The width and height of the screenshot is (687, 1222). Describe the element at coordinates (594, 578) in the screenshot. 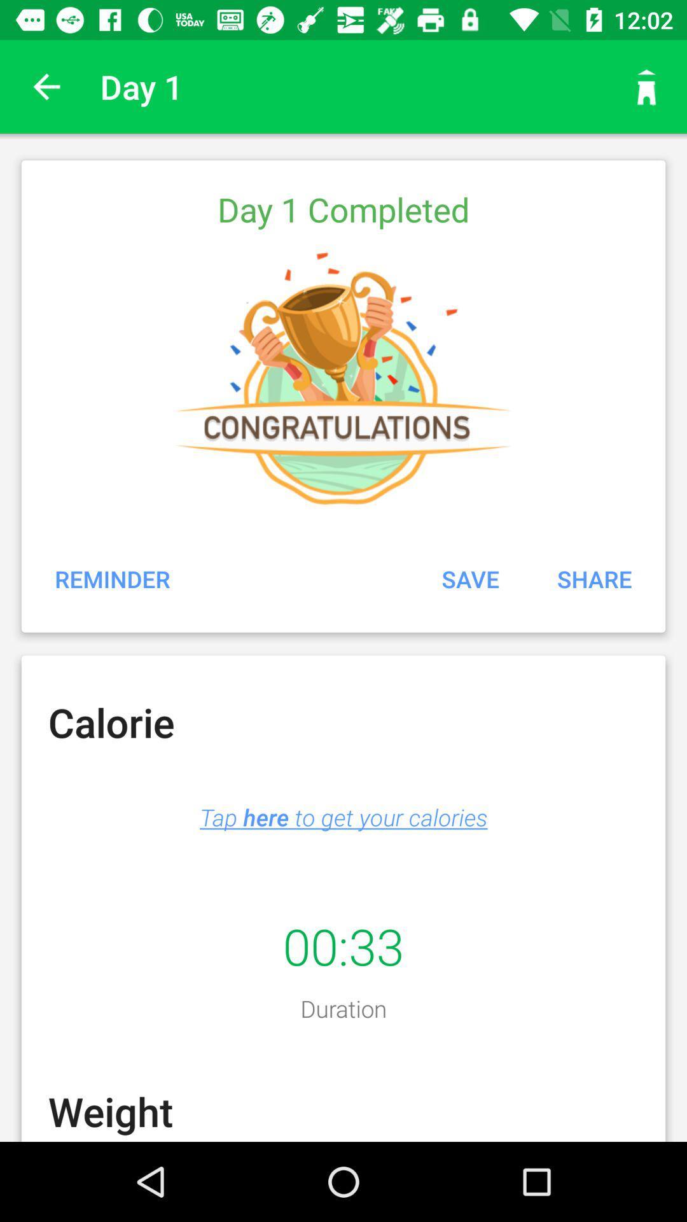

I see `item to the right of the save` at that location.